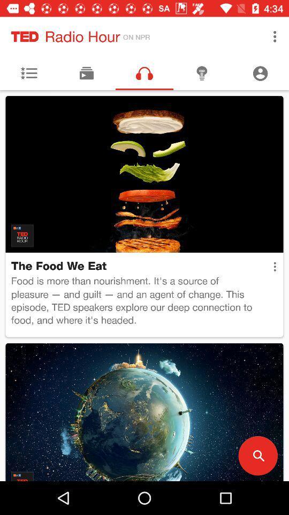 Image resolution: width=289 pixels, height=515 pixels. I want to click on item next to food is more icon, so click(275, 266).